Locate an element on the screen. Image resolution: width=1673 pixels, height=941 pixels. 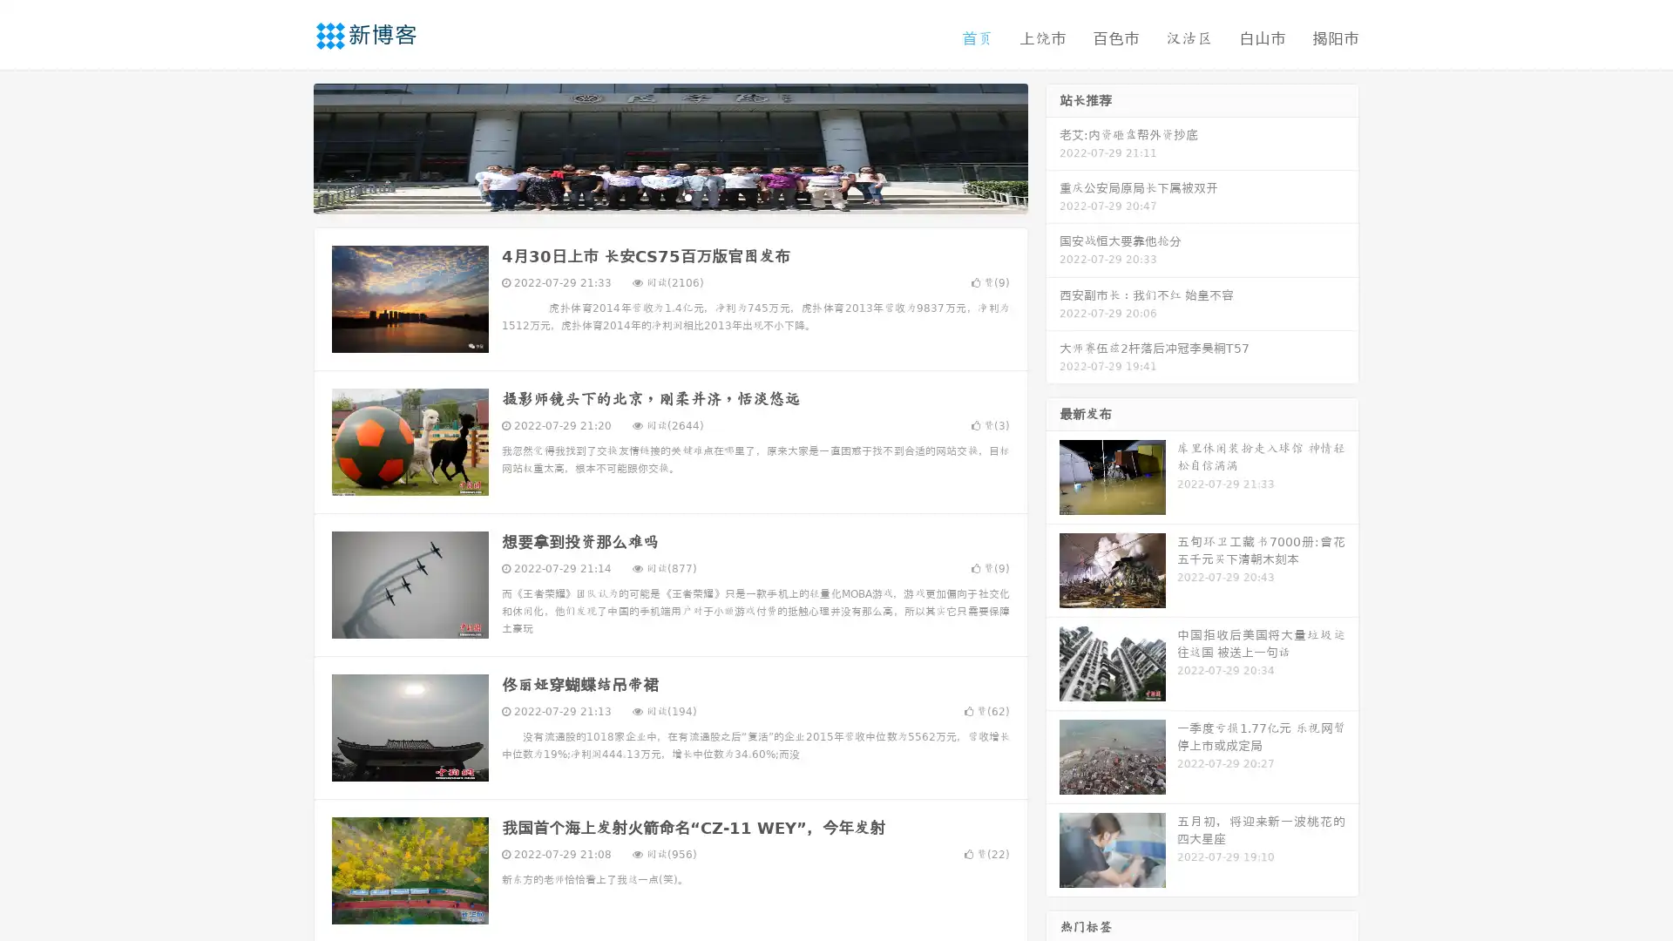
Go to slide 2 is located at coordinates (669, 196).